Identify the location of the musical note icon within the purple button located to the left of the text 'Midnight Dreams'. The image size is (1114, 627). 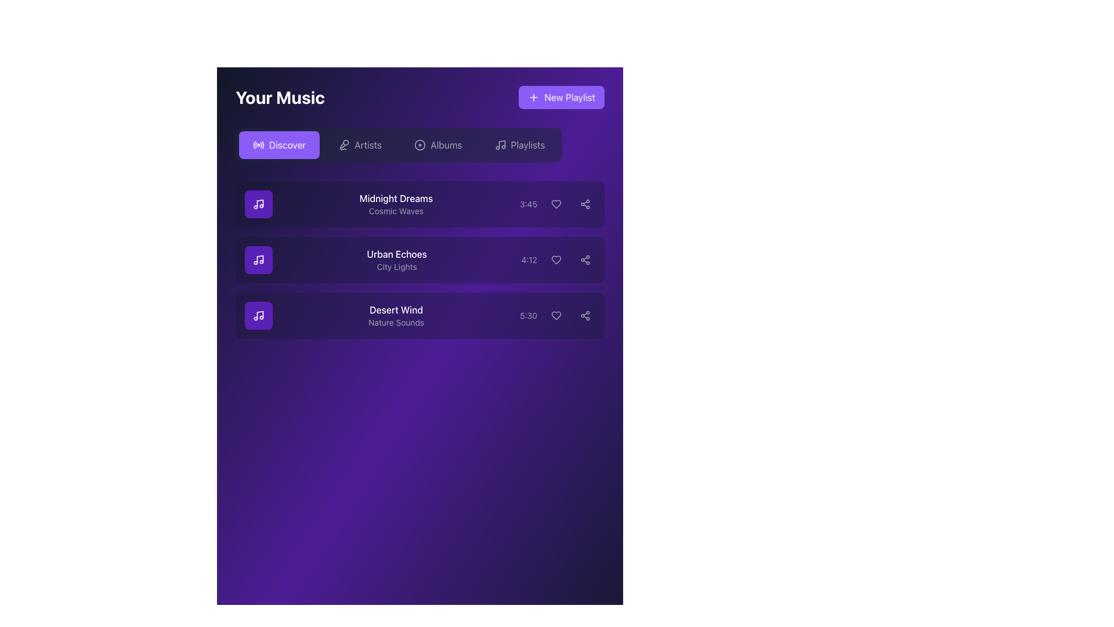
(259, 203).